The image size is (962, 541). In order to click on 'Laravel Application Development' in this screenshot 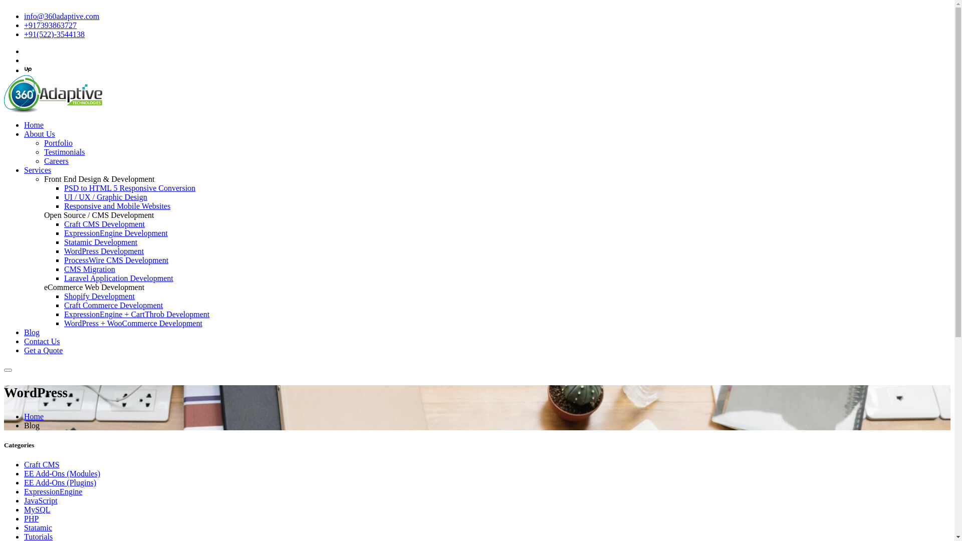, I will do `click(118, 278)`.